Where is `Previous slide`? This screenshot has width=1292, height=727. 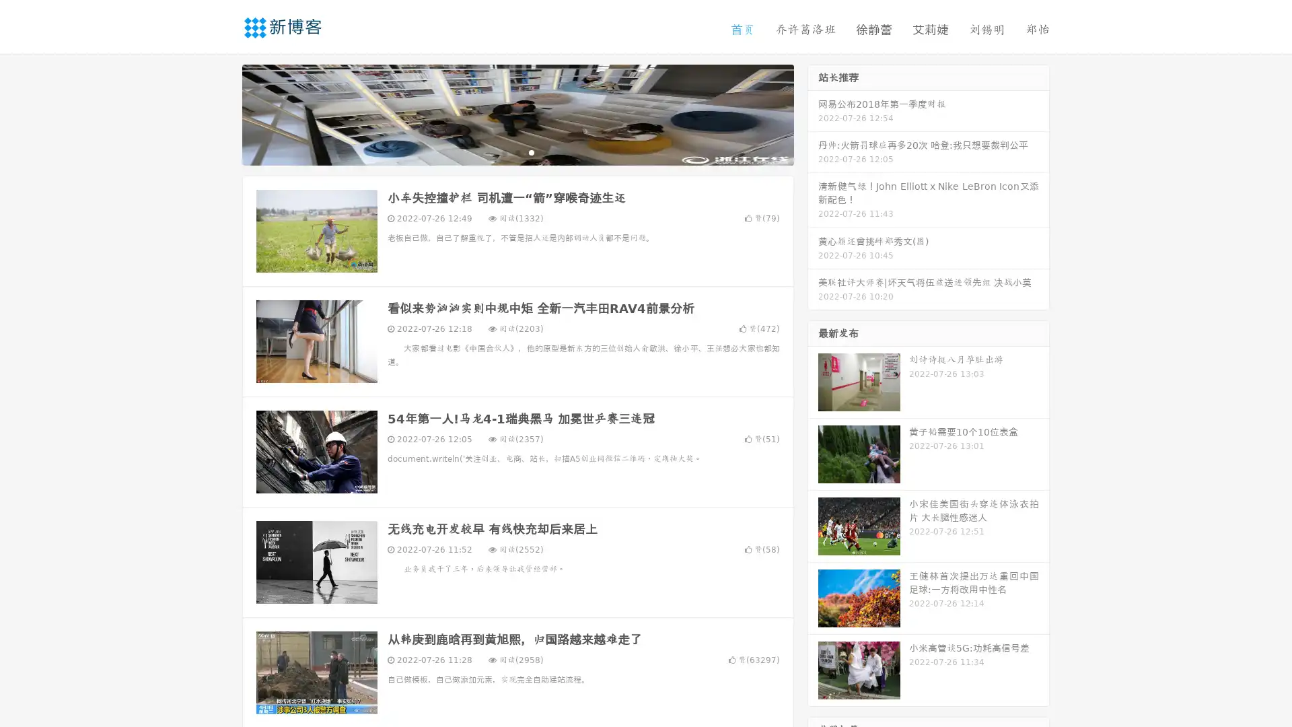
Previous slide is located at coordinates (222, 113).